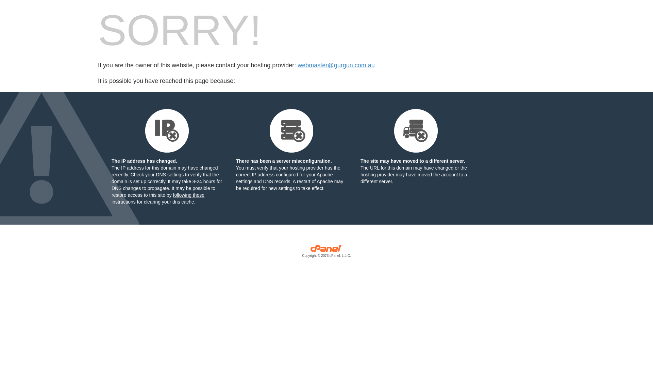 Image resolution: width=653 pixels, height=367 pixels. What do you see at coordinates (157, 198) in the screenshot?
I see `'following these instructions'` at bounding box center [157, 198].